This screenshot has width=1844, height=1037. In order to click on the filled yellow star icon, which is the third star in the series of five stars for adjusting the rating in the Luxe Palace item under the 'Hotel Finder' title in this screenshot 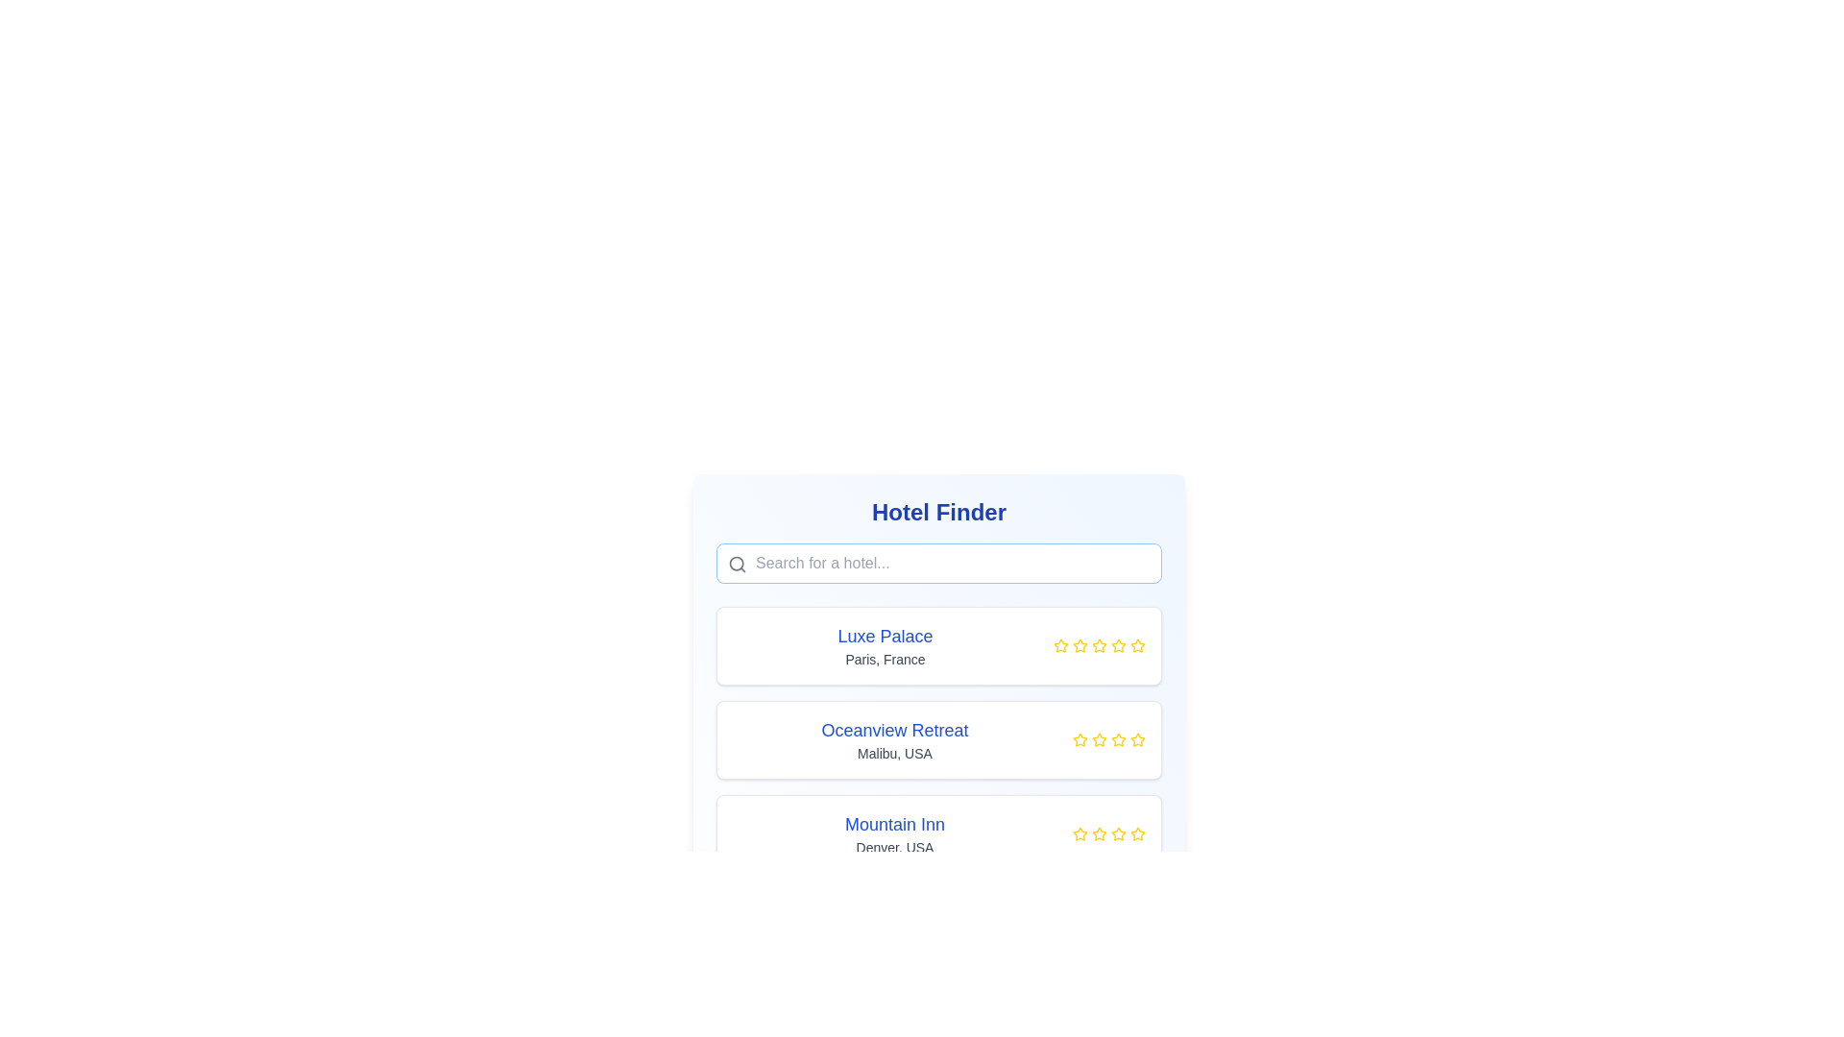, I will do `click(1100, 645)`.